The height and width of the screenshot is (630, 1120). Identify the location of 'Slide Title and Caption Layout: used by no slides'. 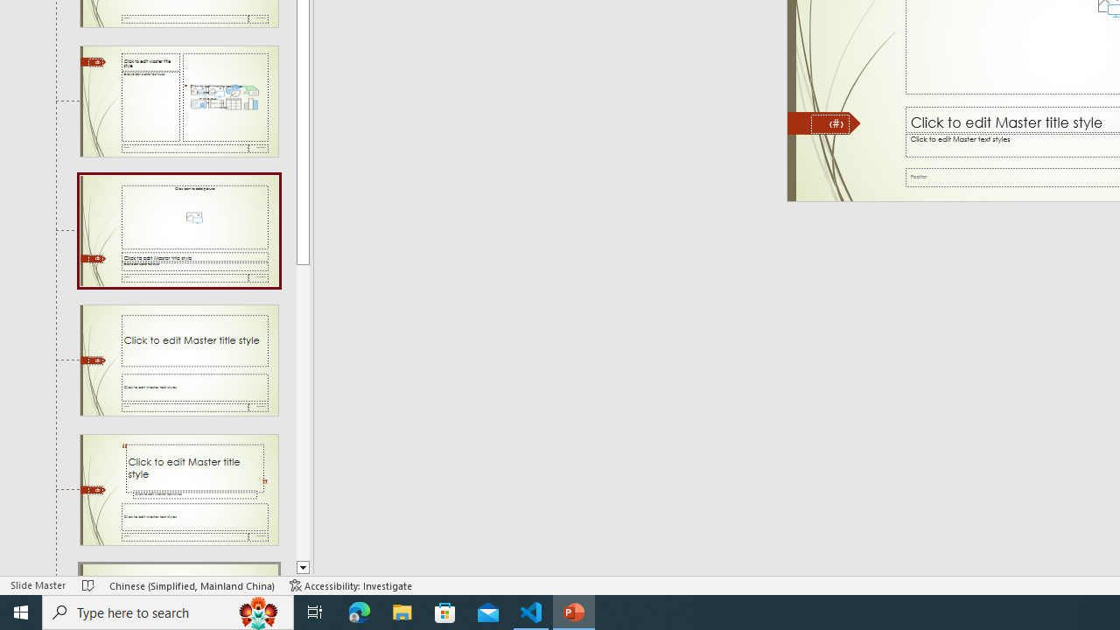
(178, 360).